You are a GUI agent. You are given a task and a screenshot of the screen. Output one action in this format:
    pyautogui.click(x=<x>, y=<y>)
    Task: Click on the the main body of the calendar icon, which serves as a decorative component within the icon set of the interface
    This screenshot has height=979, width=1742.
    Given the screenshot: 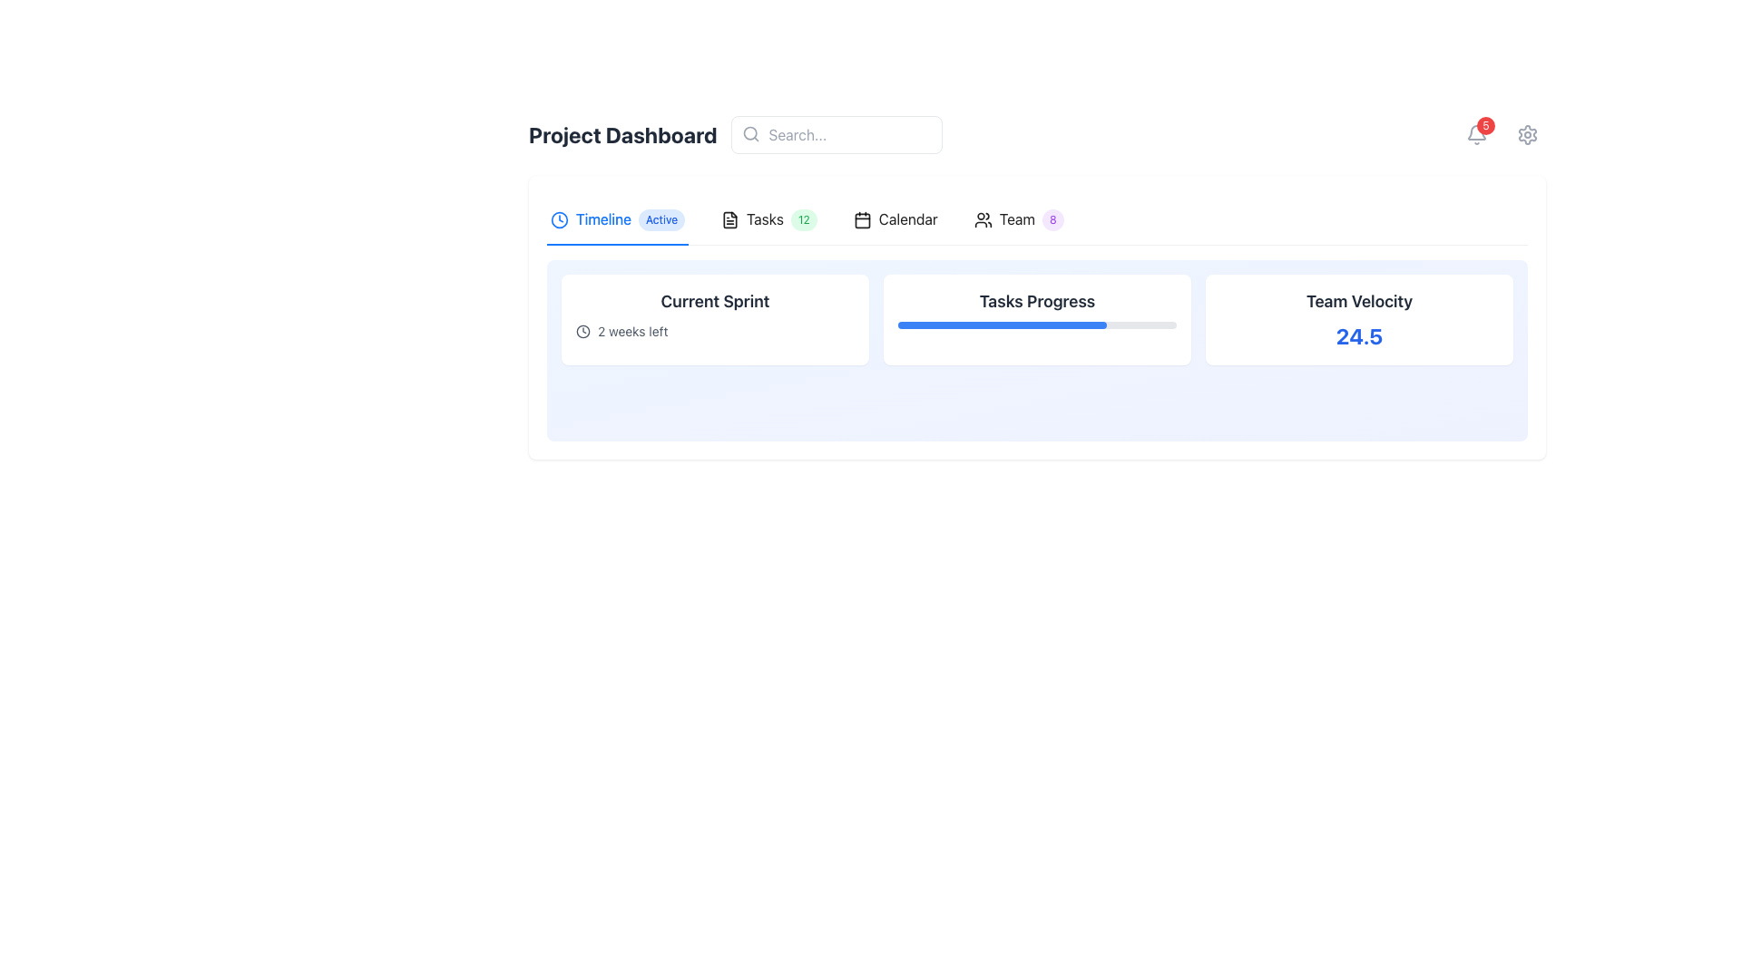 What is the action you would take?
    pyautogui.click(x=861, y=219)
    